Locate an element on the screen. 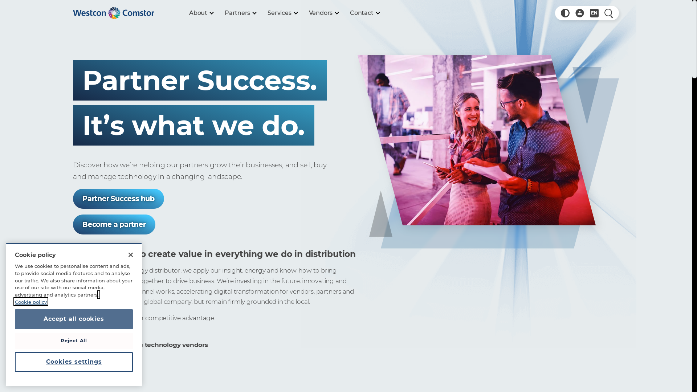 Image resolution: width=697 pixels, height=392 pixels. 'About' is located at coordinates (201, 13).